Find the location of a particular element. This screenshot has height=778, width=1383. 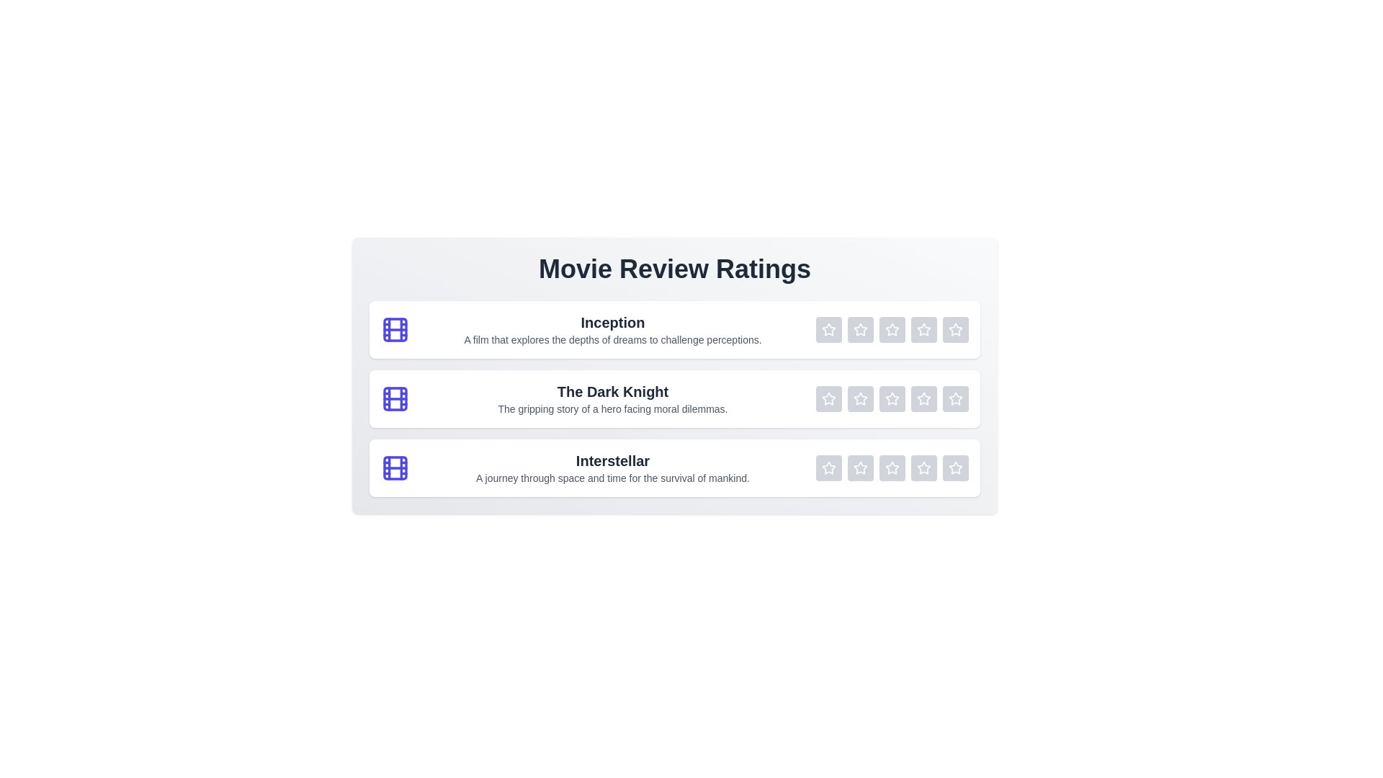

the rating of a movie to 2 stars by clicking the corresponding star is located at coordinates (861, 330).